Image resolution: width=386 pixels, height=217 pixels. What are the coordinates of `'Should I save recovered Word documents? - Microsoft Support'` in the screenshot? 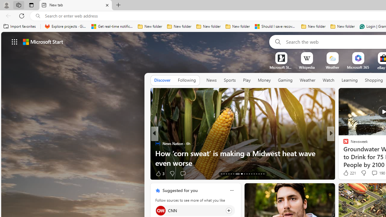 It's located at (275, 26).